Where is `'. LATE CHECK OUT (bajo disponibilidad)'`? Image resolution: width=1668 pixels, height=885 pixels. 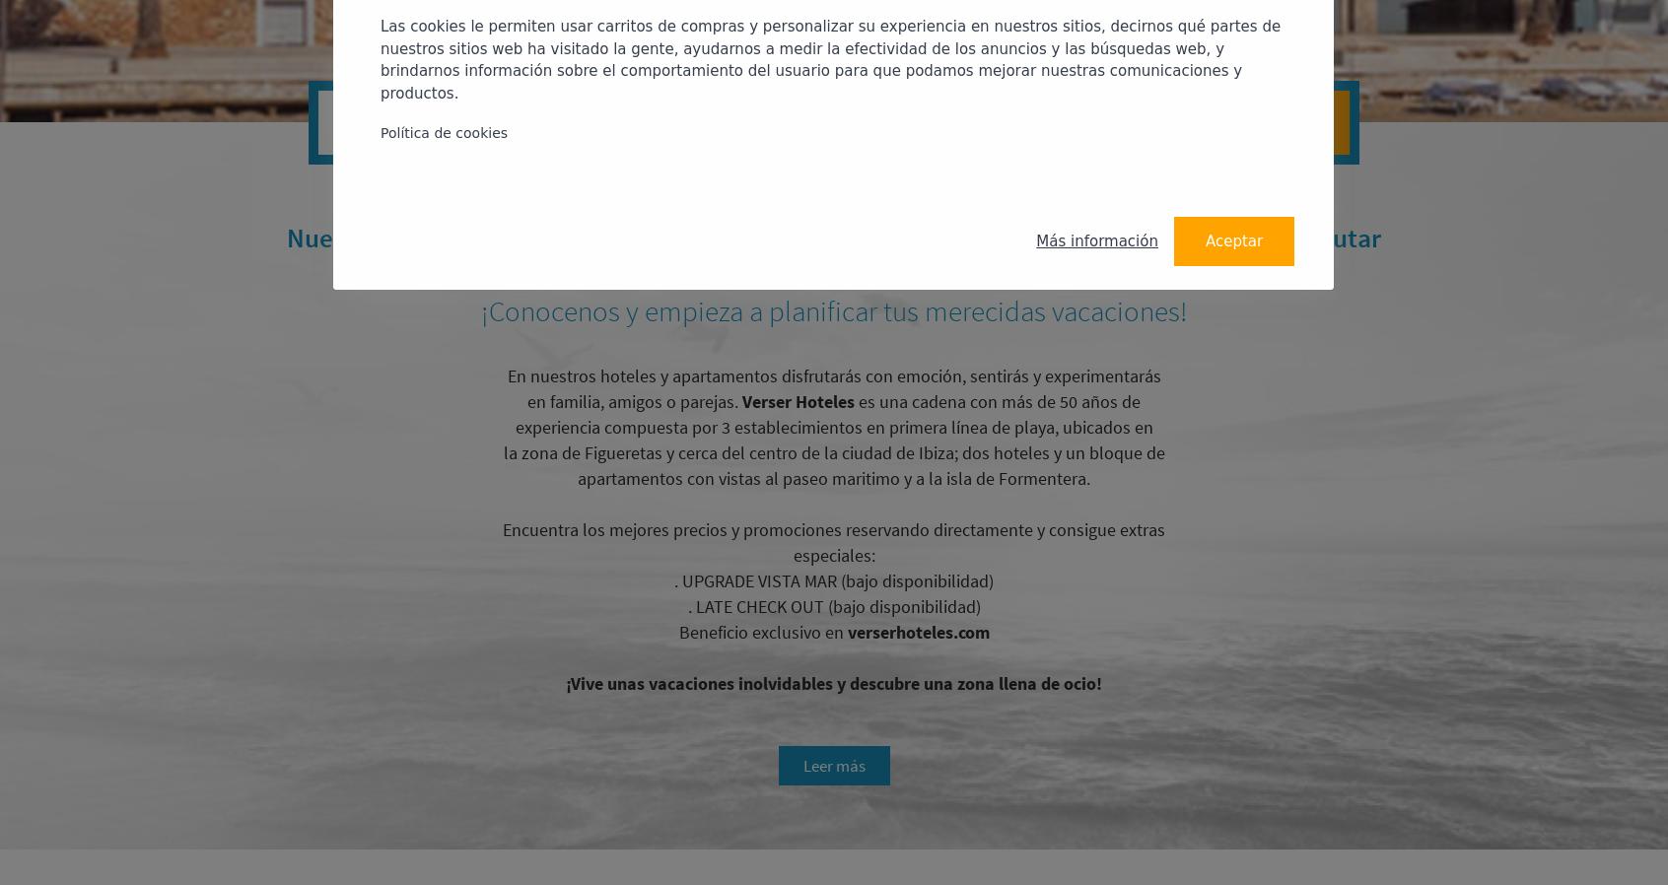 '. LATE CHECK OUT (bajo disponibilidad)' is located at coordinates (833, 605).